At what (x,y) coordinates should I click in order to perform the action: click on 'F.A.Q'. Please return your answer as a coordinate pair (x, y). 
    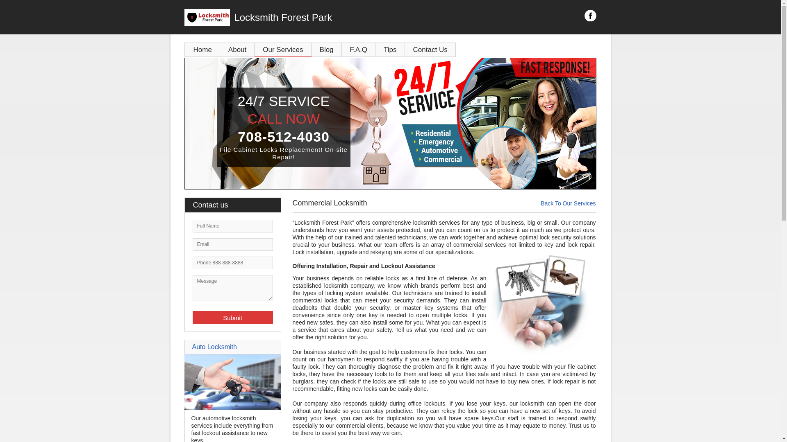
    Looking at the image, I should click on (359, 50).